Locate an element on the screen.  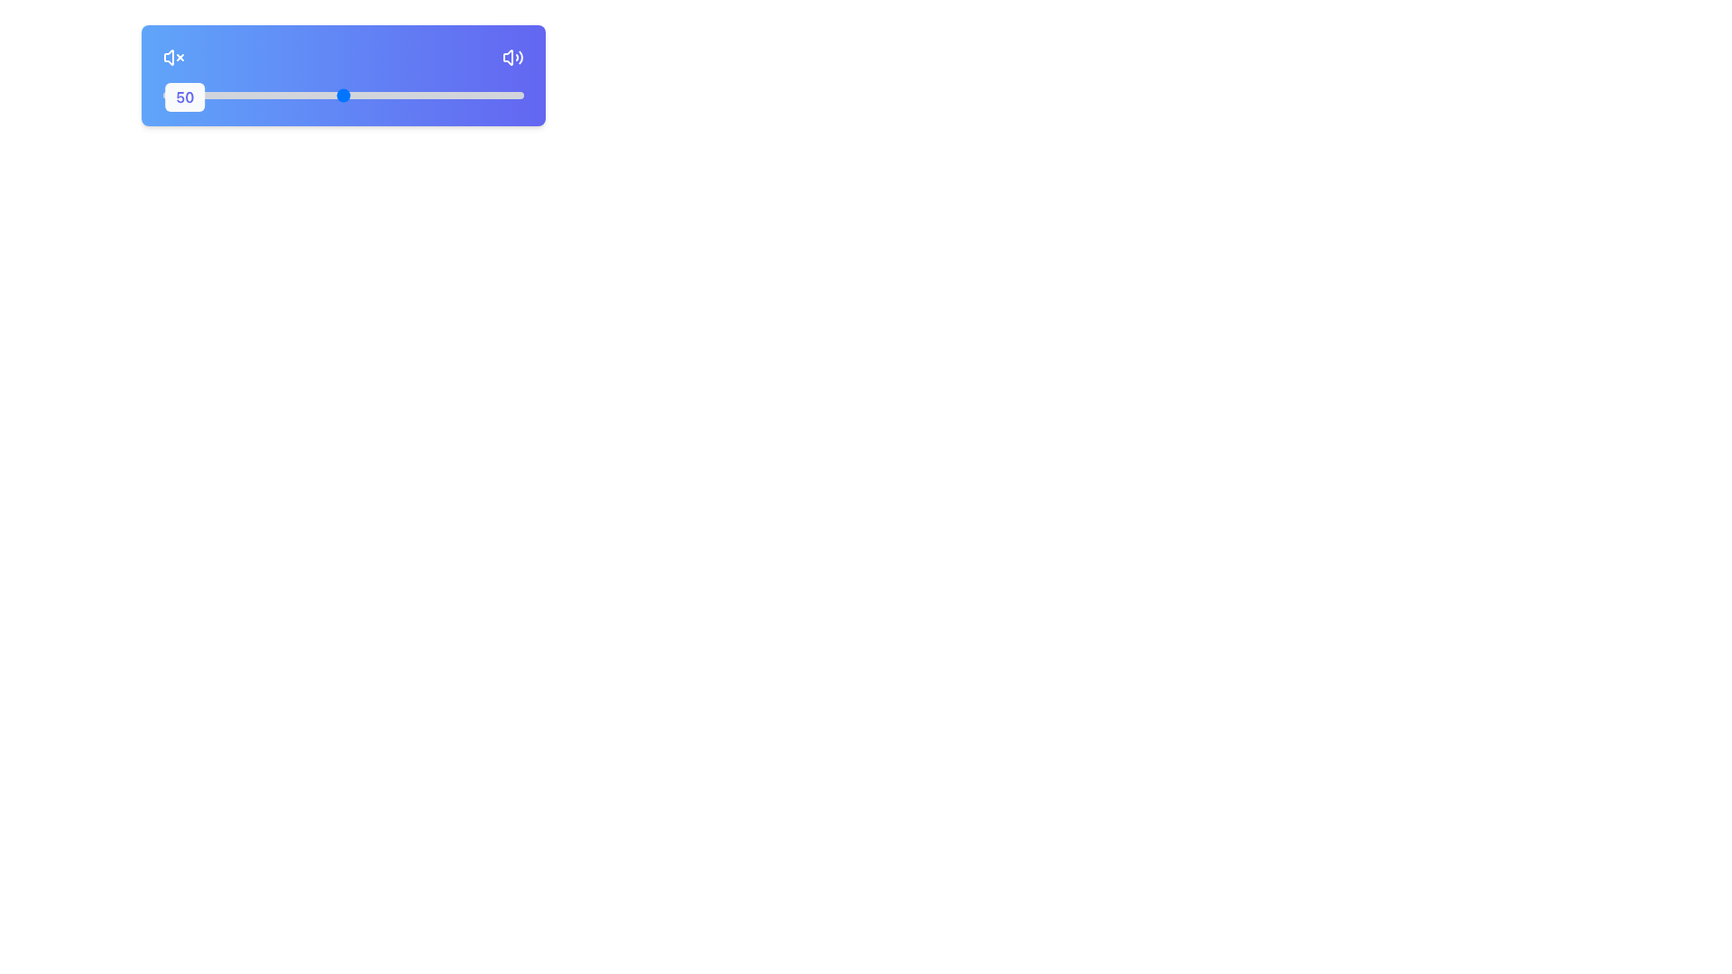
the muted volume icon, which is styled as a speaker with an 'X' symbol on a blue background is located at coordinates (173, 57).